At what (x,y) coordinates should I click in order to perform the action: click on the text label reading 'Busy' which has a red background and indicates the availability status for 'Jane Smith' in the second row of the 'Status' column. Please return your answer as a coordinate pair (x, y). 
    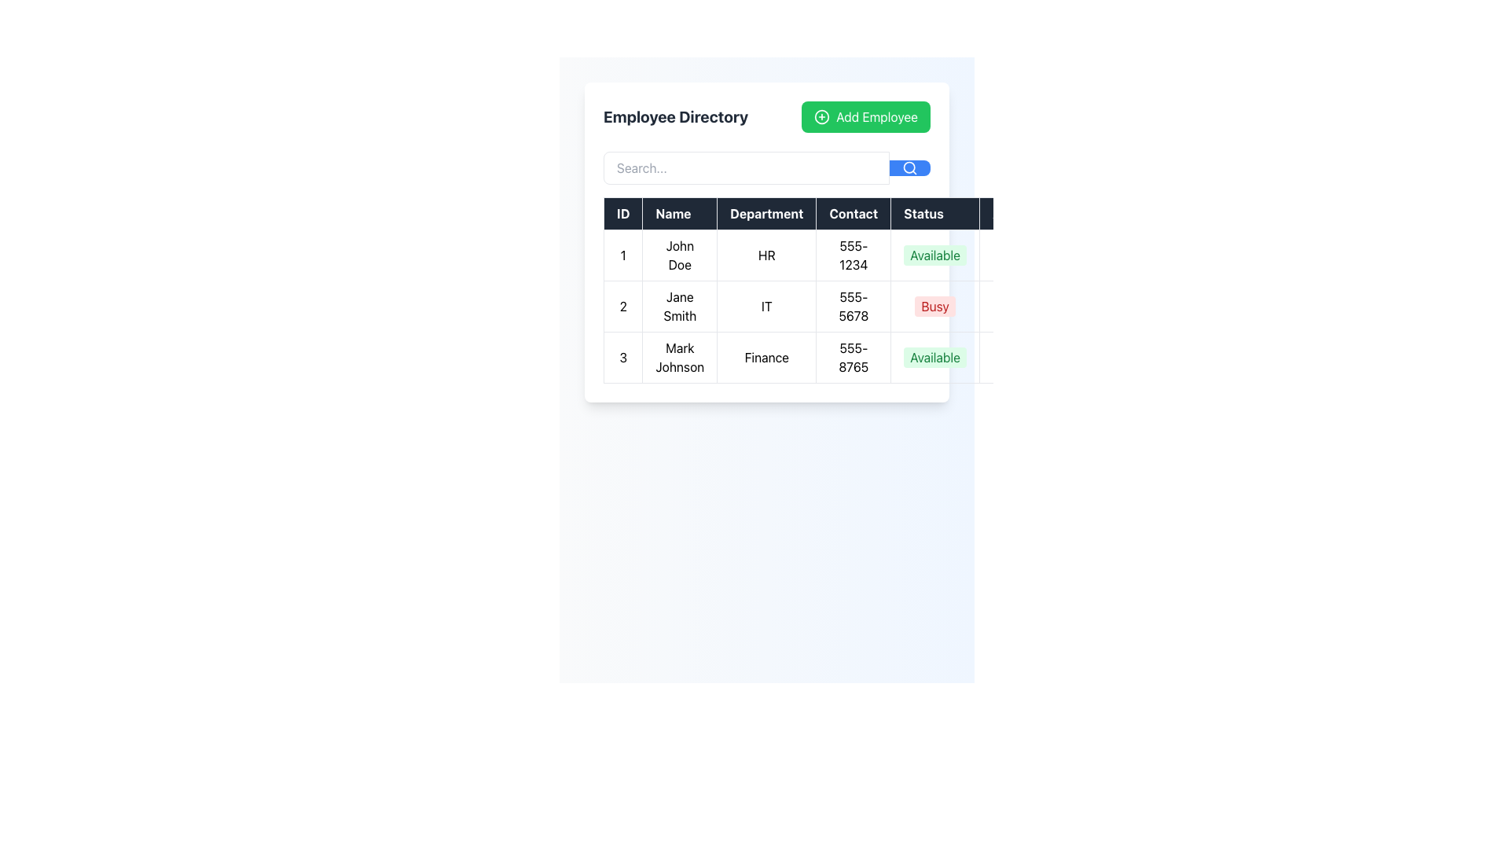
    Looking at the image, I should click on (935, 306).